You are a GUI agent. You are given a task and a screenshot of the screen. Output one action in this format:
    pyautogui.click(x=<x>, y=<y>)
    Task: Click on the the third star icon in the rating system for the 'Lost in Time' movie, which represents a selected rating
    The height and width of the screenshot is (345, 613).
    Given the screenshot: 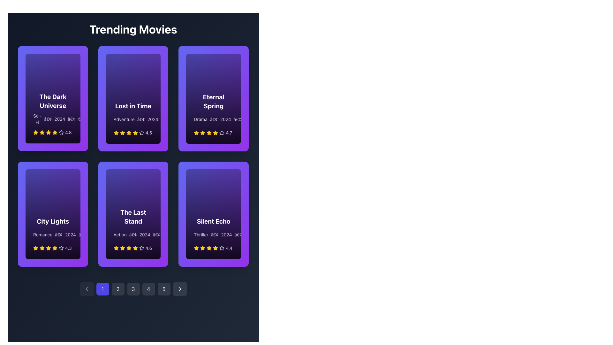 What is the action you would take?
    pyautogui.click(x=141, y=132)
    